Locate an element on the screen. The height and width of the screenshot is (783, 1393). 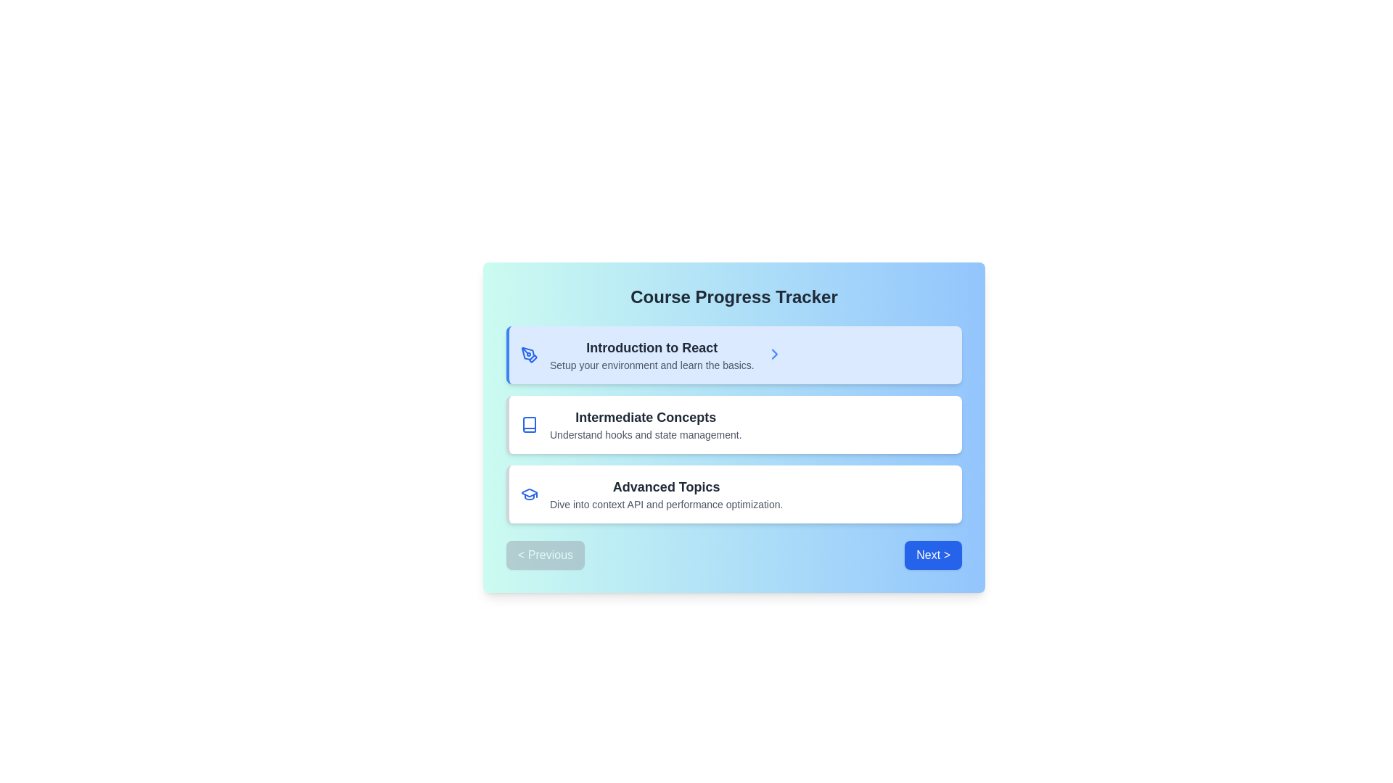
the Informational Card that provides navigation to intermediate concepts in React, positioned between the 'Introduction to React' and 'Advanced Topics' cards is located at coordinates (734, 427).